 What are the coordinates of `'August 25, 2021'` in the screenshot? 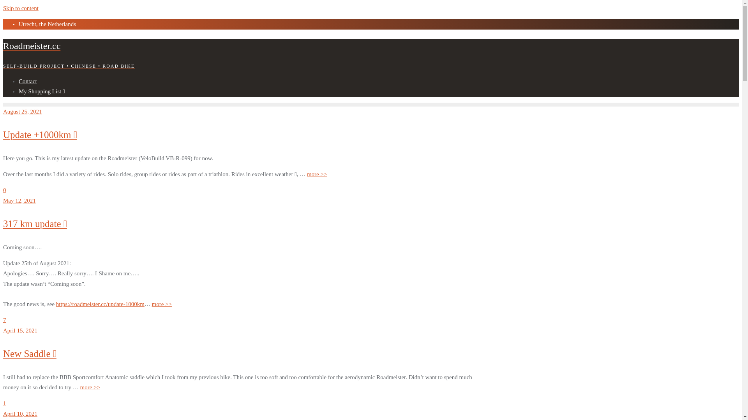 It's located at (3, 111).